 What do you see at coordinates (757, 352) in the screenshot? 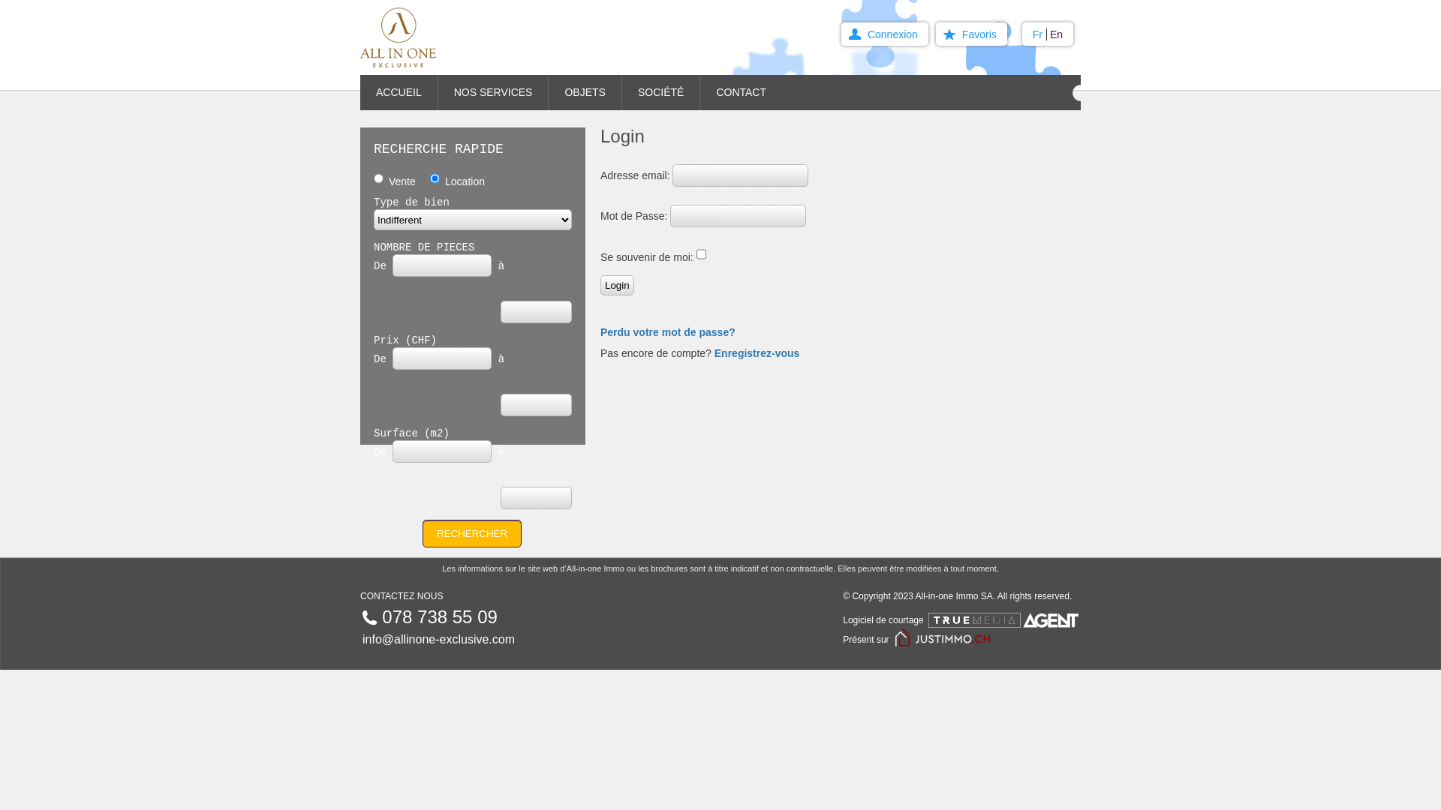
I see `'Enregistrez-vous'` at bounding box center [757, 352].